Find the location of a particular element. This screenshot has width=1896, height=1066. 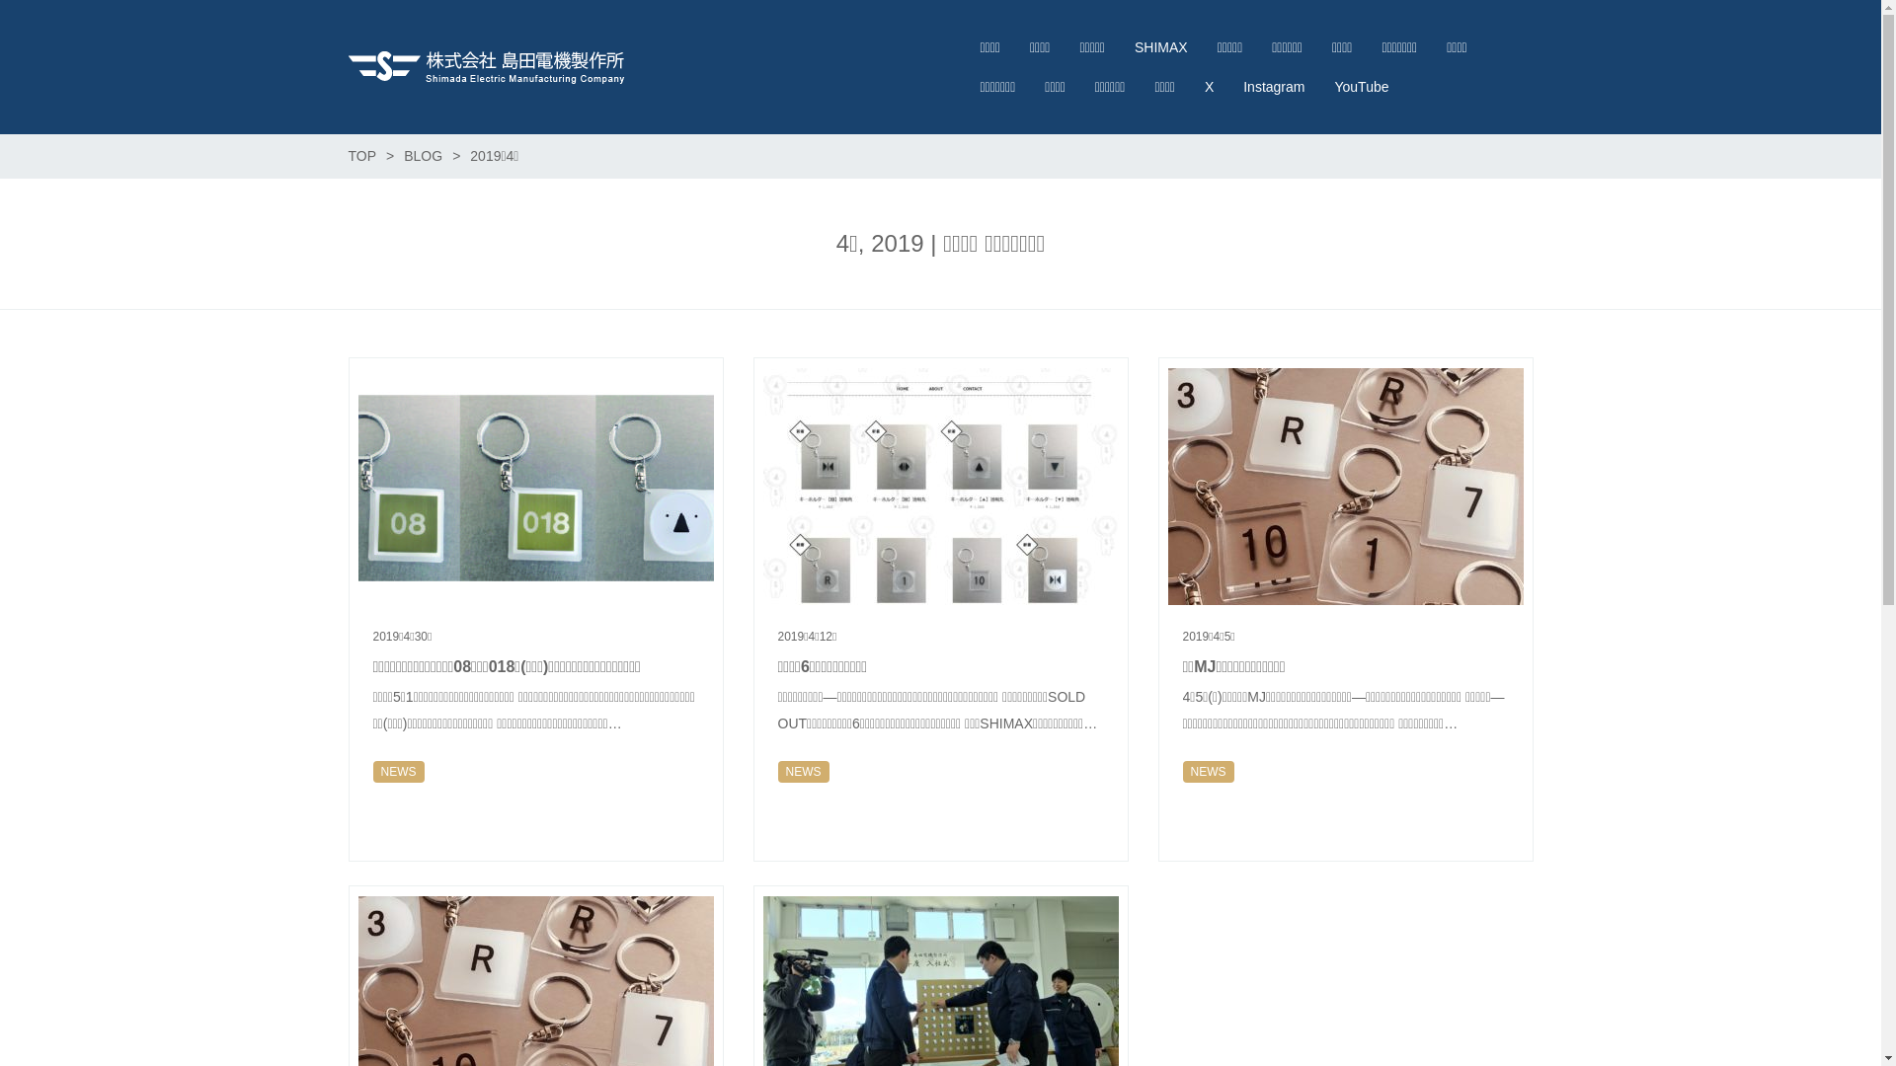

'SHIMAX' is located at coordinates (1161, 45).